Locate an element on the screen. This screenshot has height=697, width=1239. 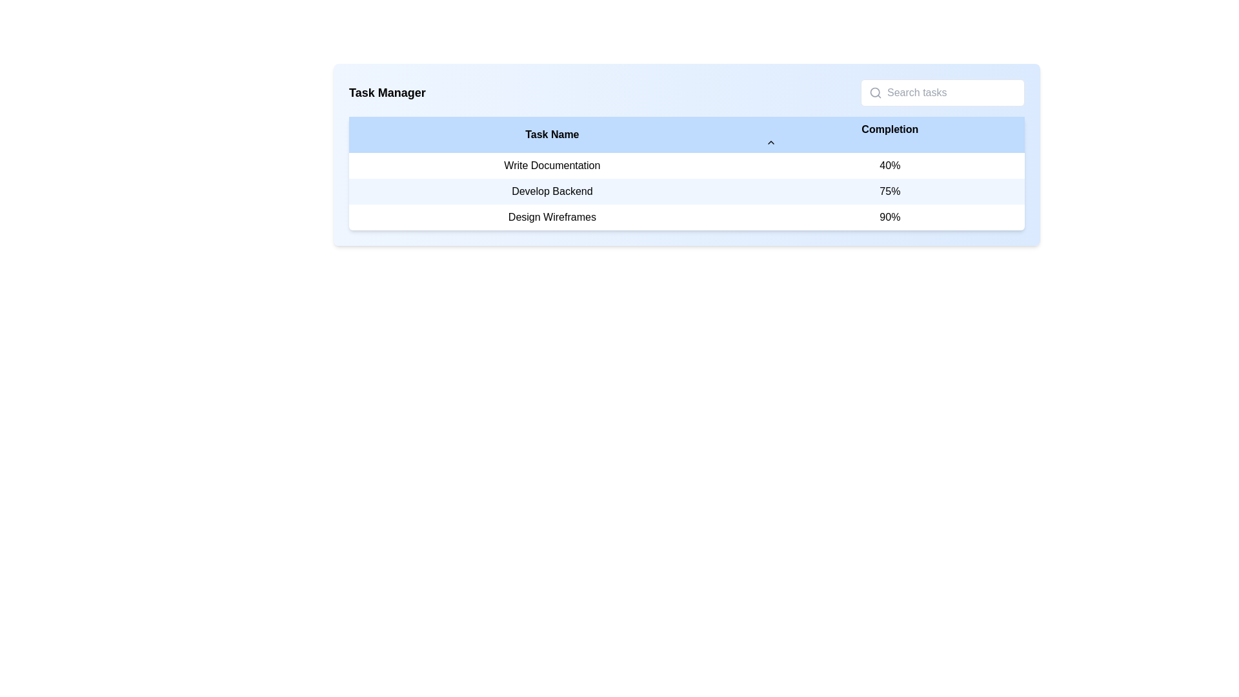
the Text element displaying '75%' located in the second row of the table under the 'Completion' column is located at coordinates (889, 192).